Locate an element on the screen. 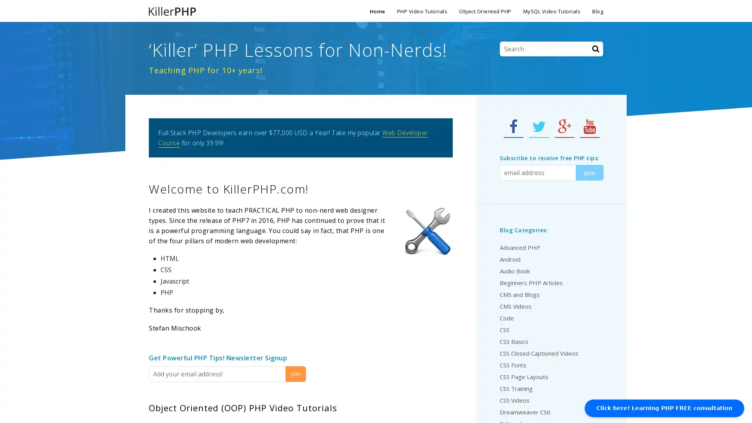 This screenshot has height=423, width=752. Join is located at coordinates (295, 374).